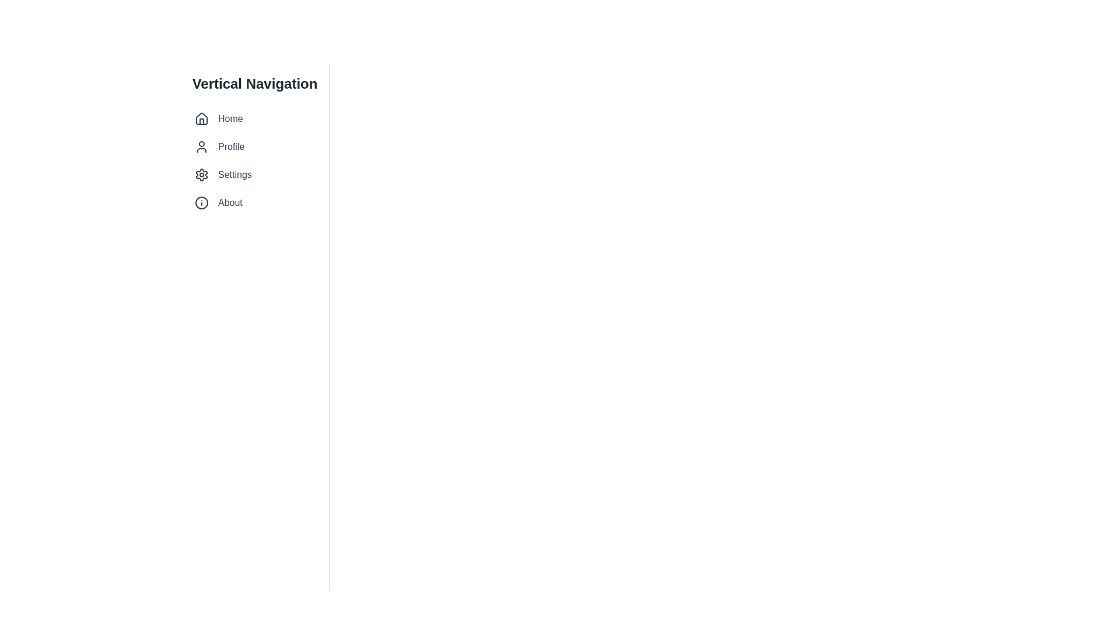 The width and height of the screenshot is (1120, 630). I want to click on the 'About' navigation link button, which is styled with a gray color scheme and features rounded corners, so click(254, 202).